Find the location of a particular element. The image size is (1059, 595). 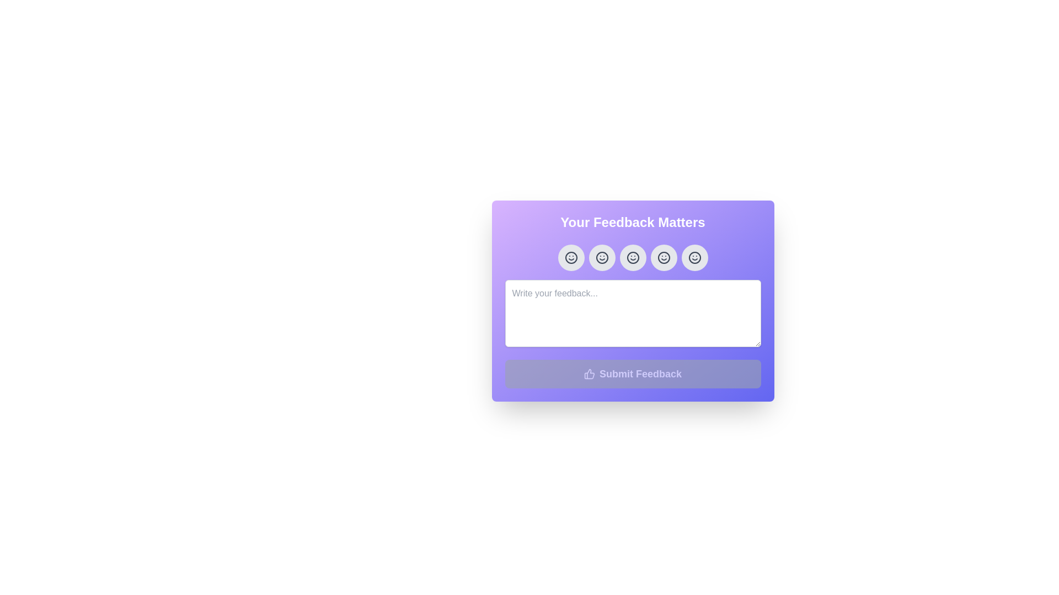

the 'Submit Feedback' button, which is a rectangular button with a bold text label and a thumbs-up icon, located at the bottom of the 'Your Feedback Matters' panel is located at coordinates (633, 373).